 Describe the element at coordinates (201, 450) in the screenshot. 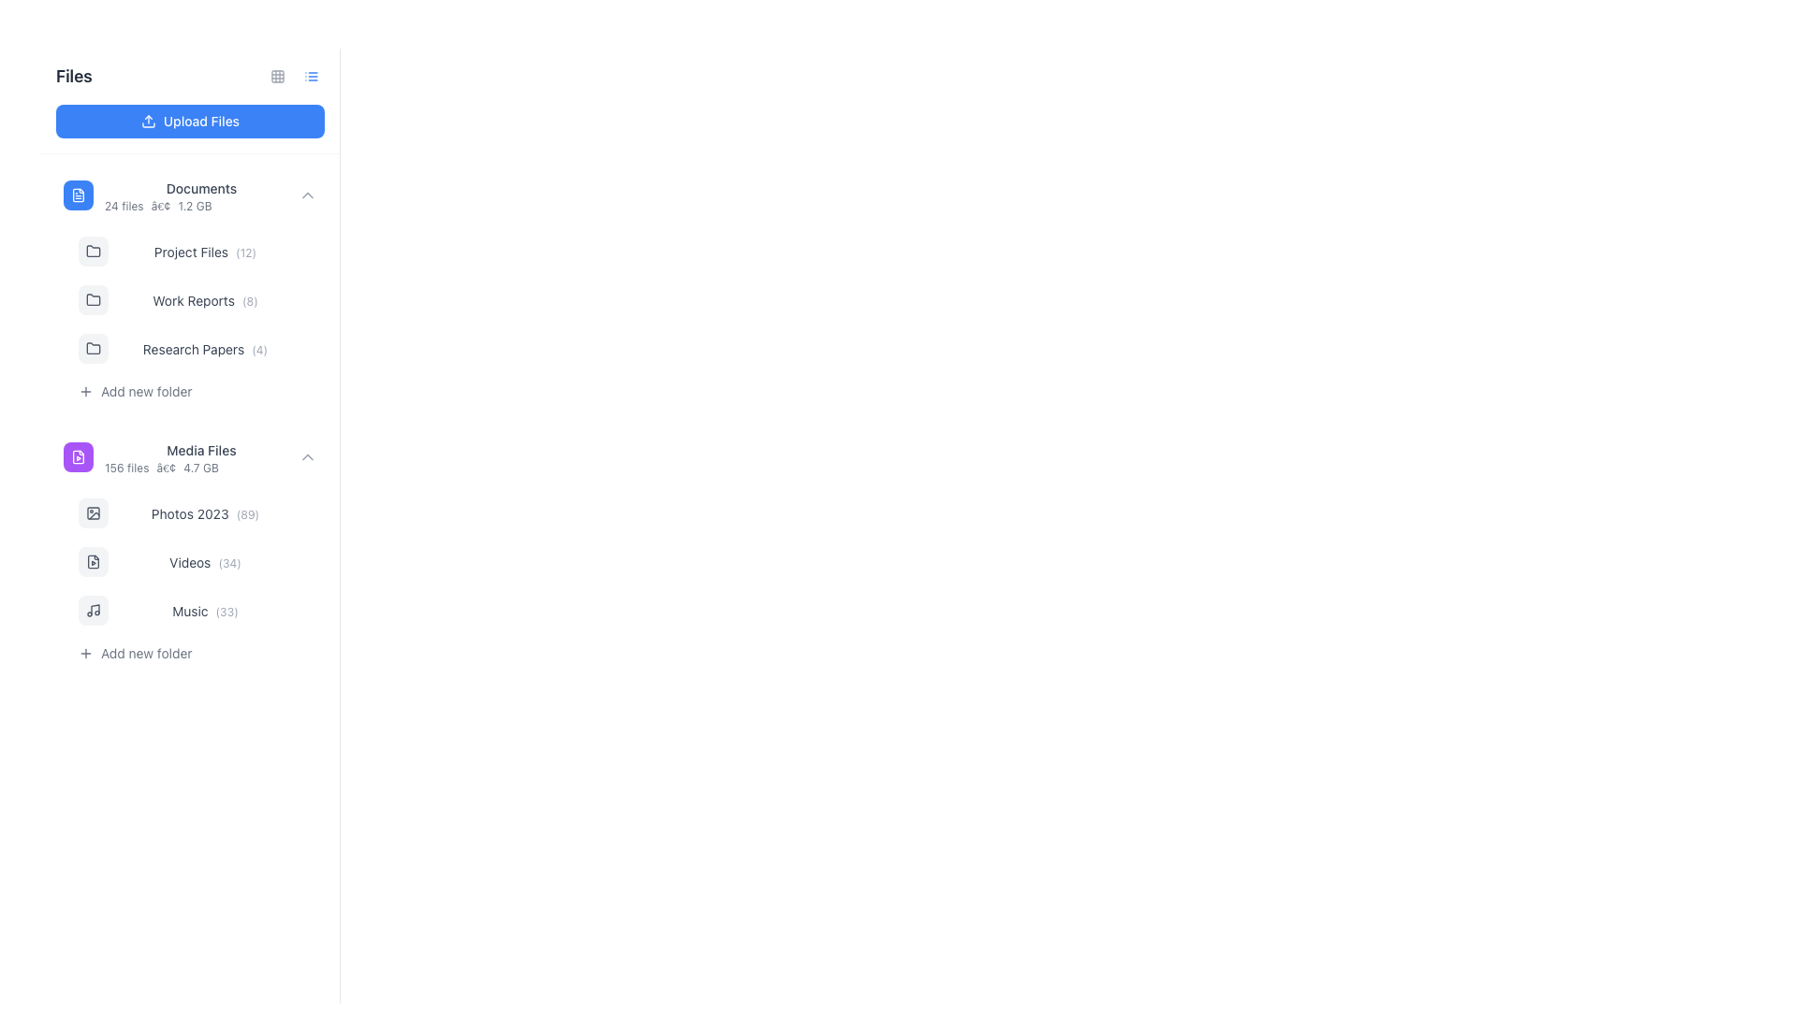

I see `the 'Media Files' text label, which is displayed in a small, medium-weight gray font and positioned above the label '156 files • 4.7 GB' in the file list` at that location.